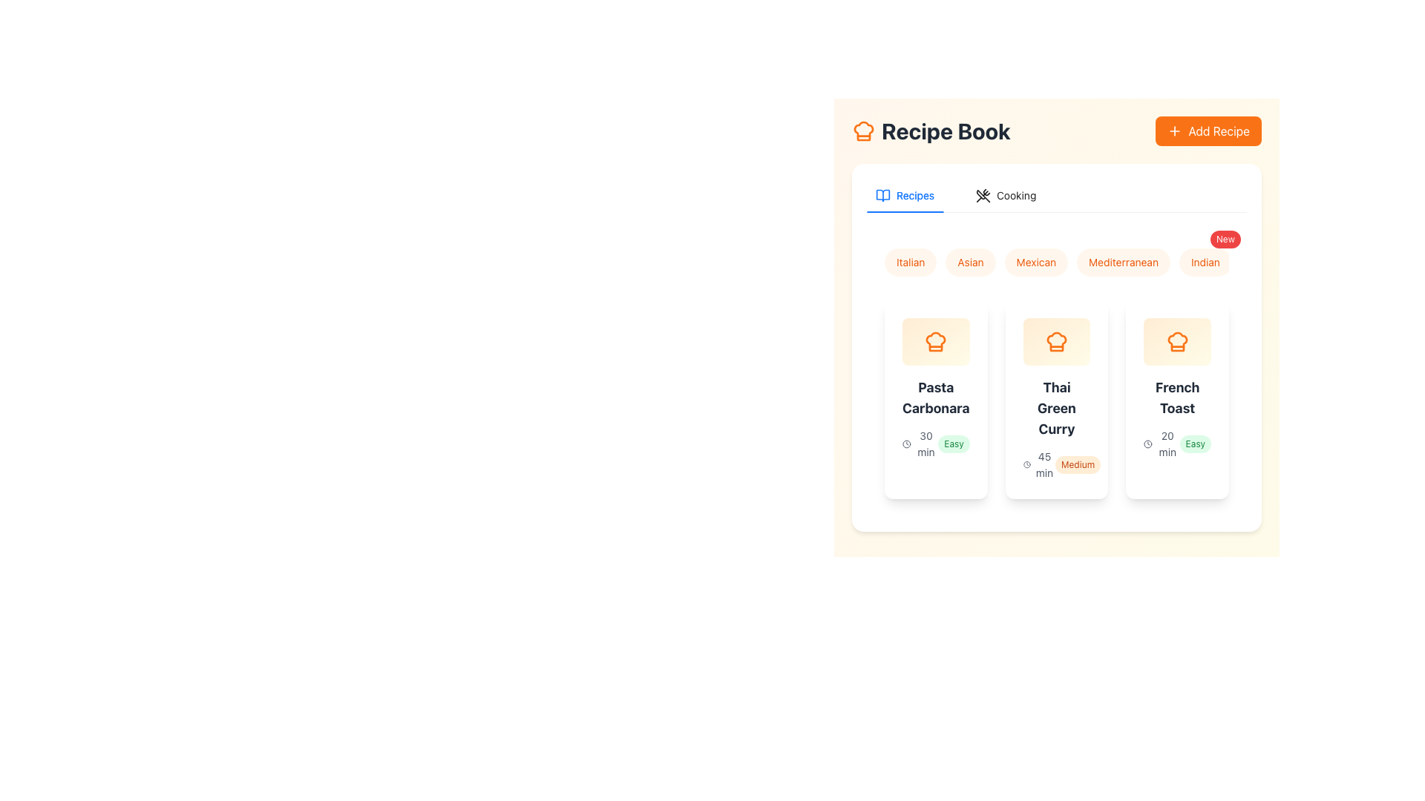 The height and width of the screenshot is (801, 1425). Describe the element at coordinates (935, 397) in the screenshot. I see `text content of the label displaying 'Pasta Carbonara', which is positioned beneath the orange chef hat icon in the recipe card` at that location.